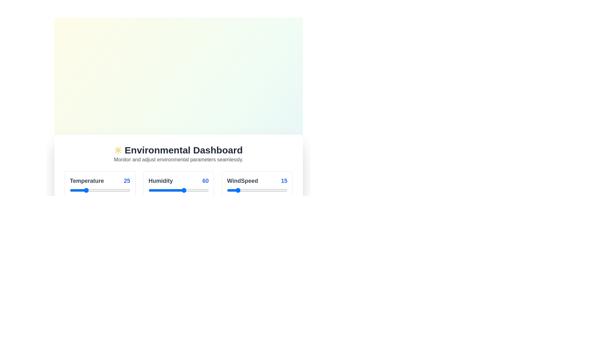  I want to click on the Wind Speed slider, so click(237, 190).